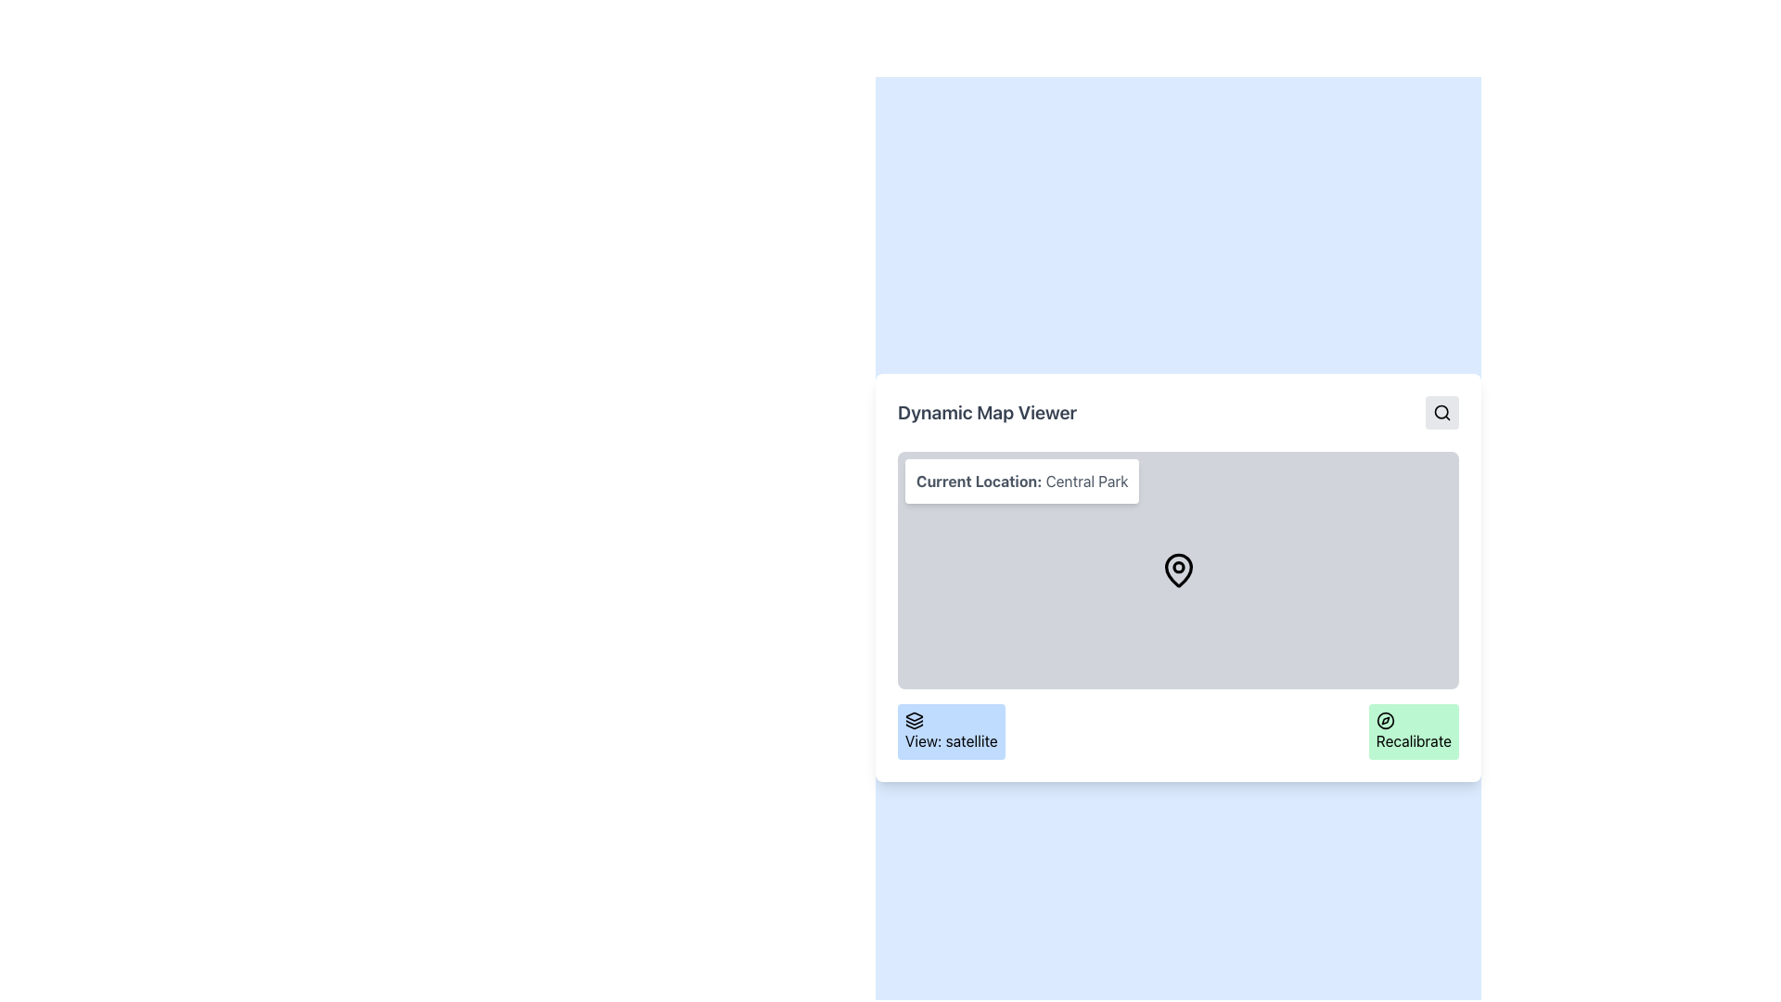 The width and height of the screenshot is (1781, 1002). What do you see at coordinates (1021, 481) in the screenshot?
I see `text displayed in the Text Label indicating the current location, which shows 'Central Park' and is located in the upper-left part of the map viewer` at bounding box center [1021, 481].